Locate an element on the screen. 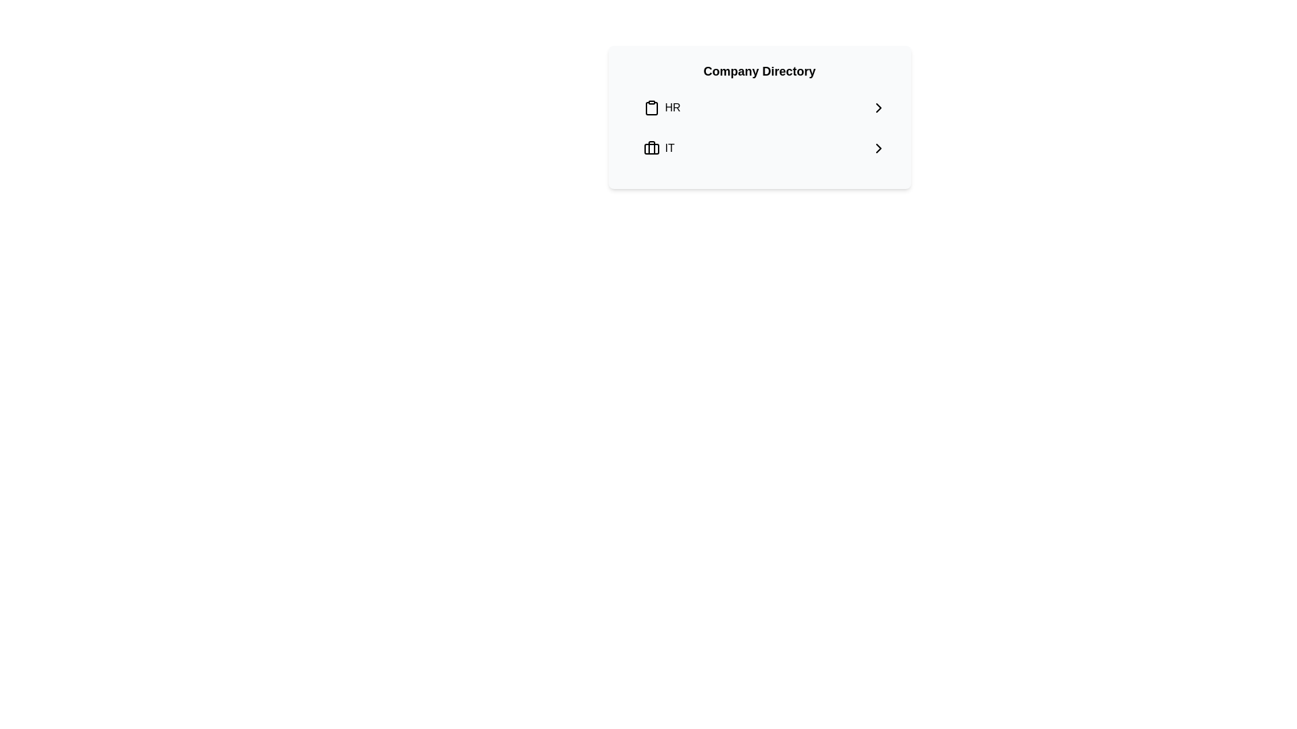 The width and height of the screenshot is (1297, 729). the rightward-pointing chevron icon in the IT row of the Company Directory, which is styled in a minimalistic black stroke format and located to the far right of the 'IT' text is located at coordinates (878, 148).